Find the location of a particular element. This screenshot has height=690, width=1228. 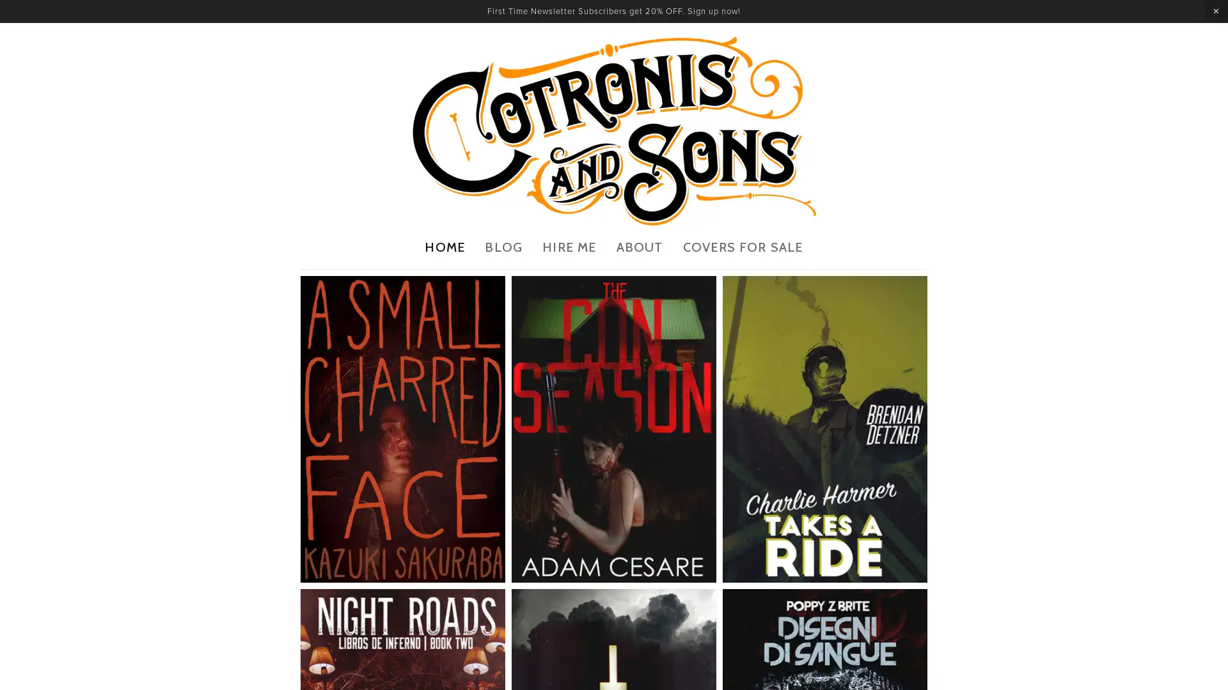

View fullsize 3.jpg is located at coordinates (614, 429).